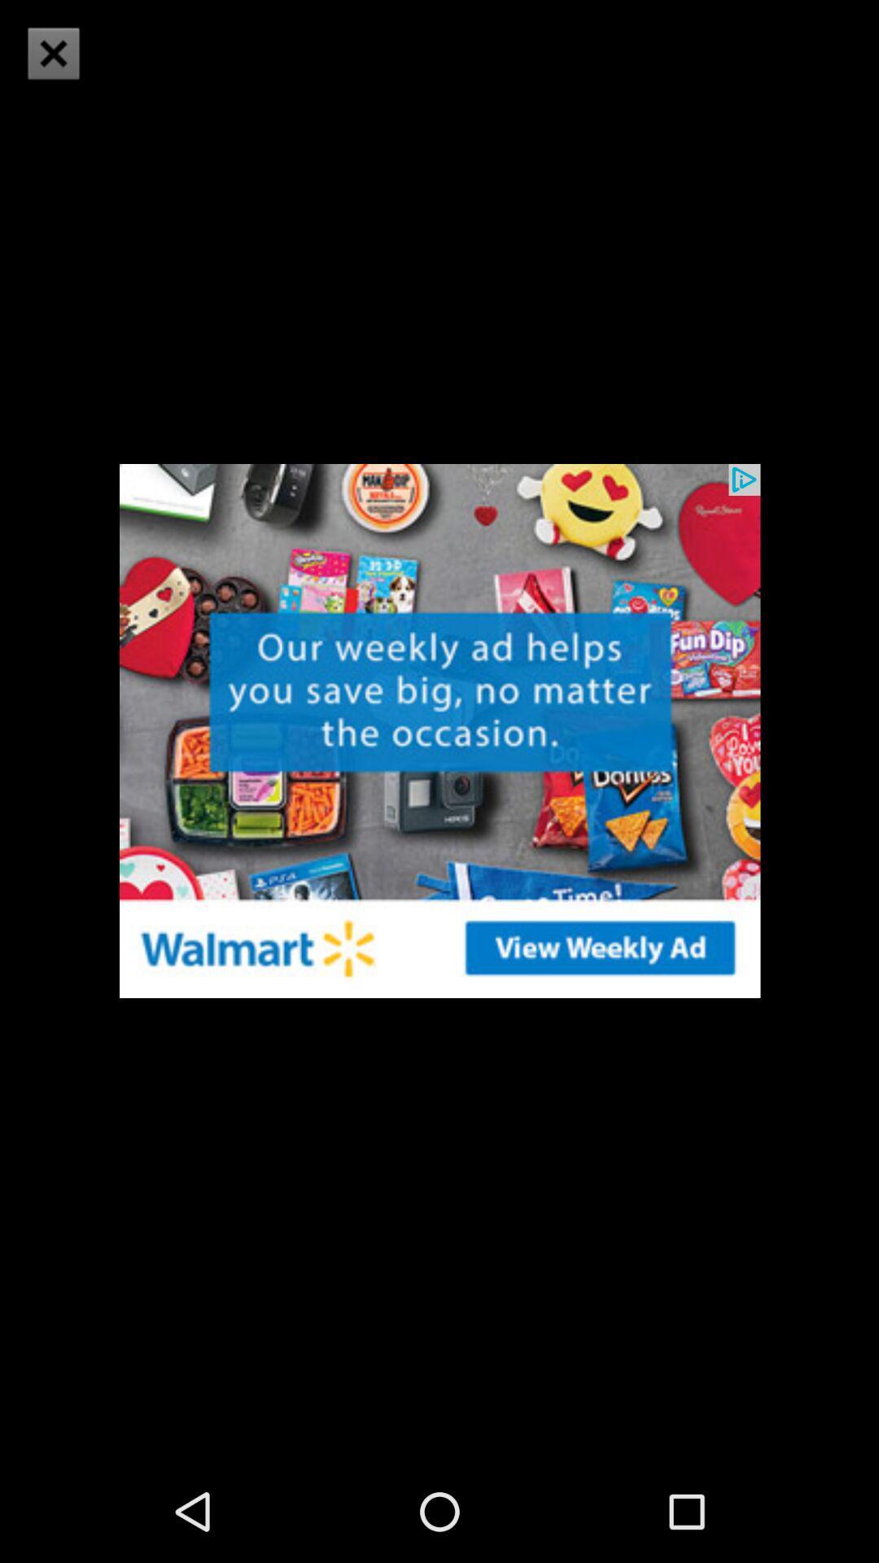 The height and width of the screenshot is (1563, 879). I want to click on the close icon, so click(52, 57).